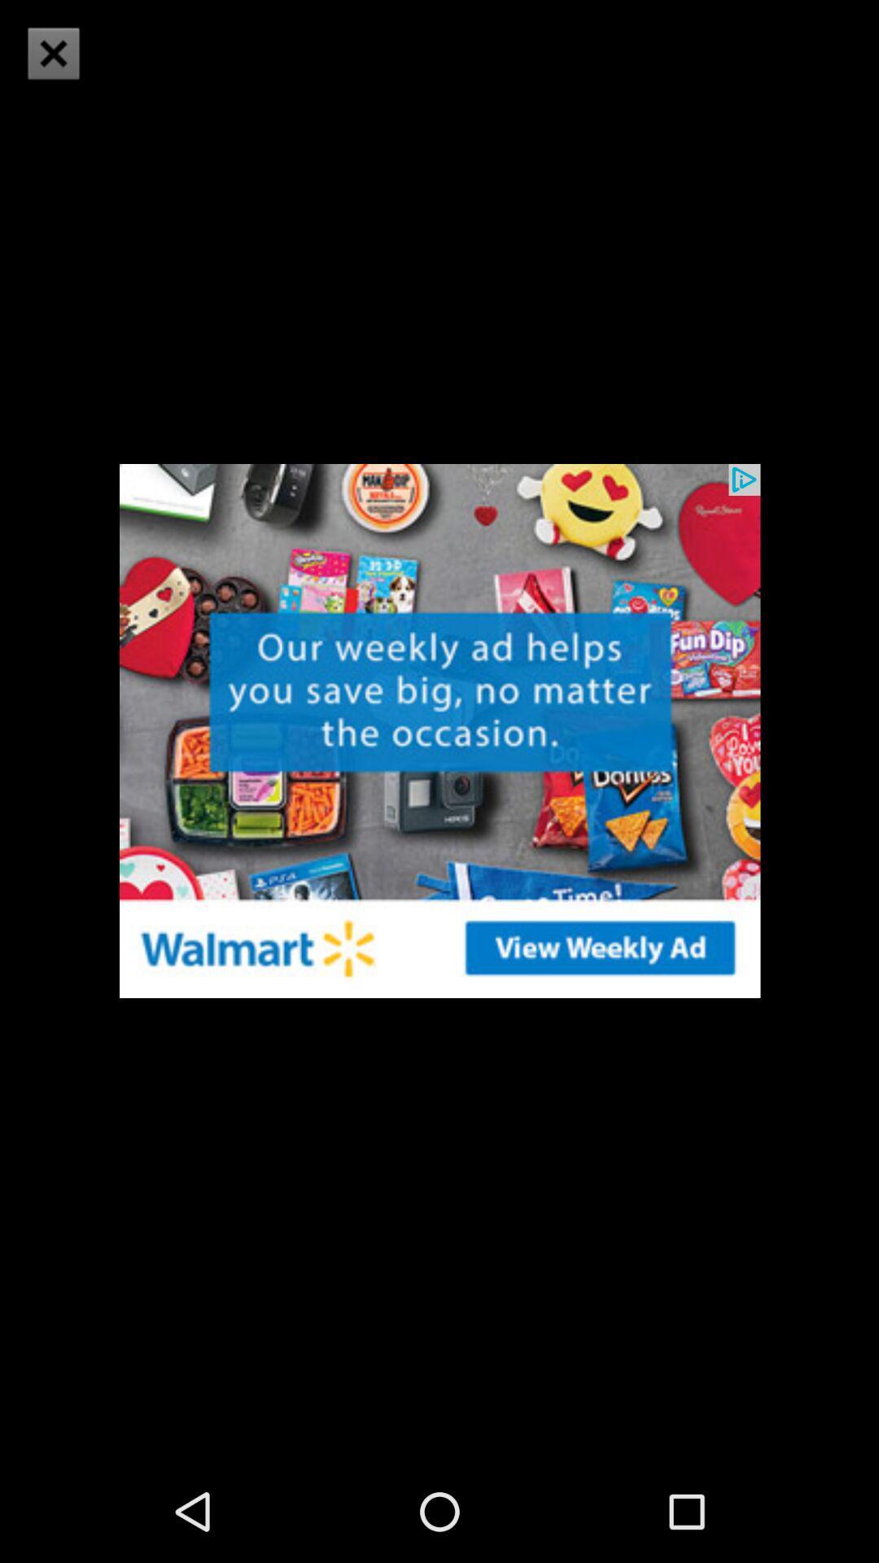 The height and width of the screenshot is (1563, 879). I want to click on the close icon, so click(52, 57).